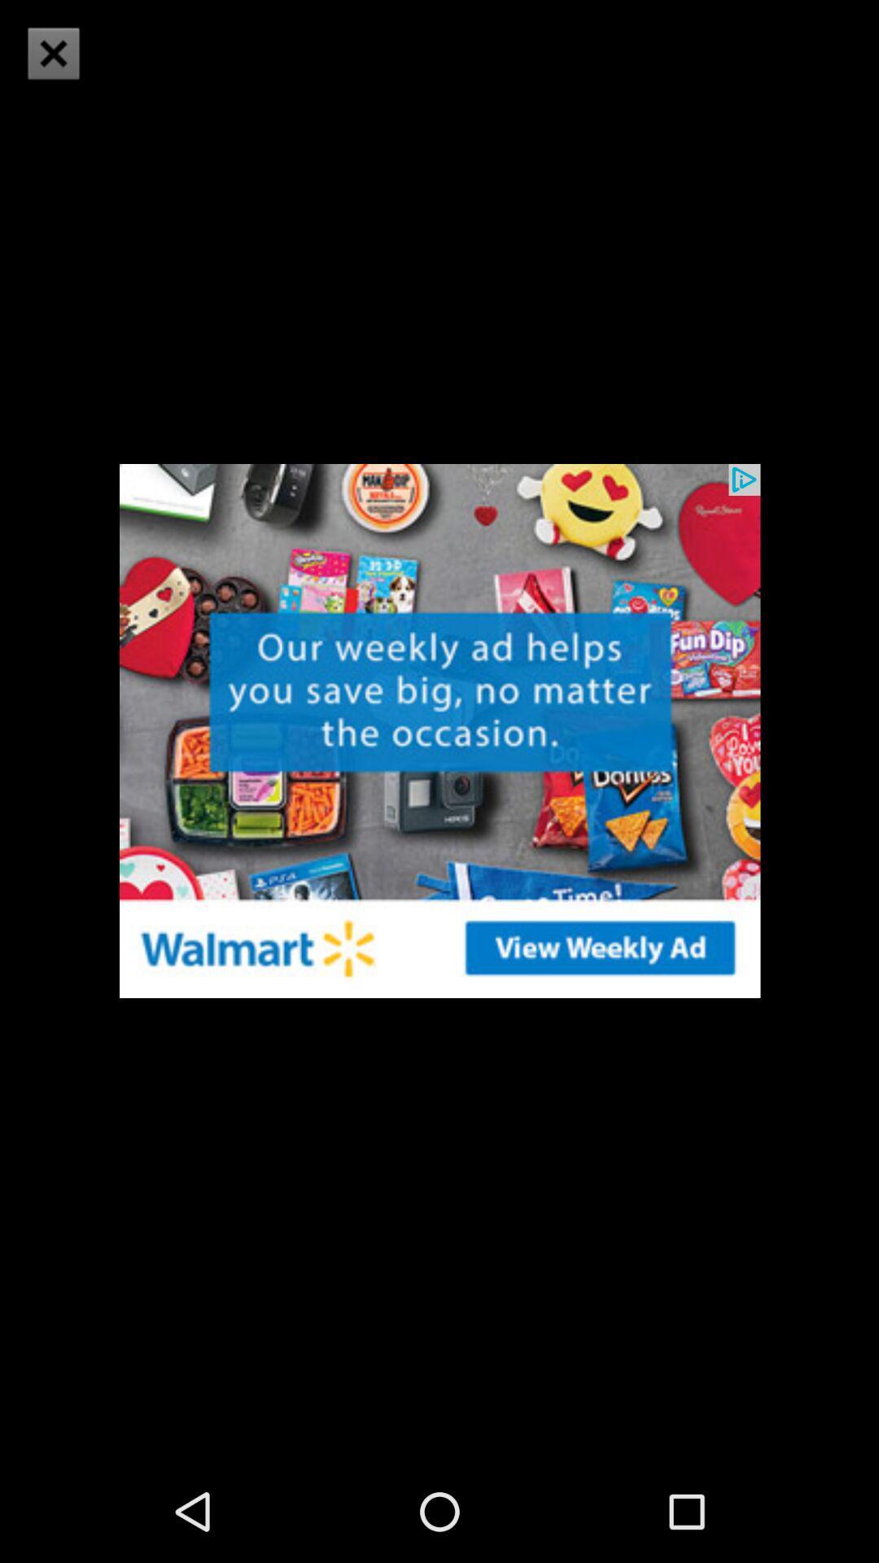 The height and width of the screenshot is (1563, 879). I want to click on the close icon, so click(52, 57).